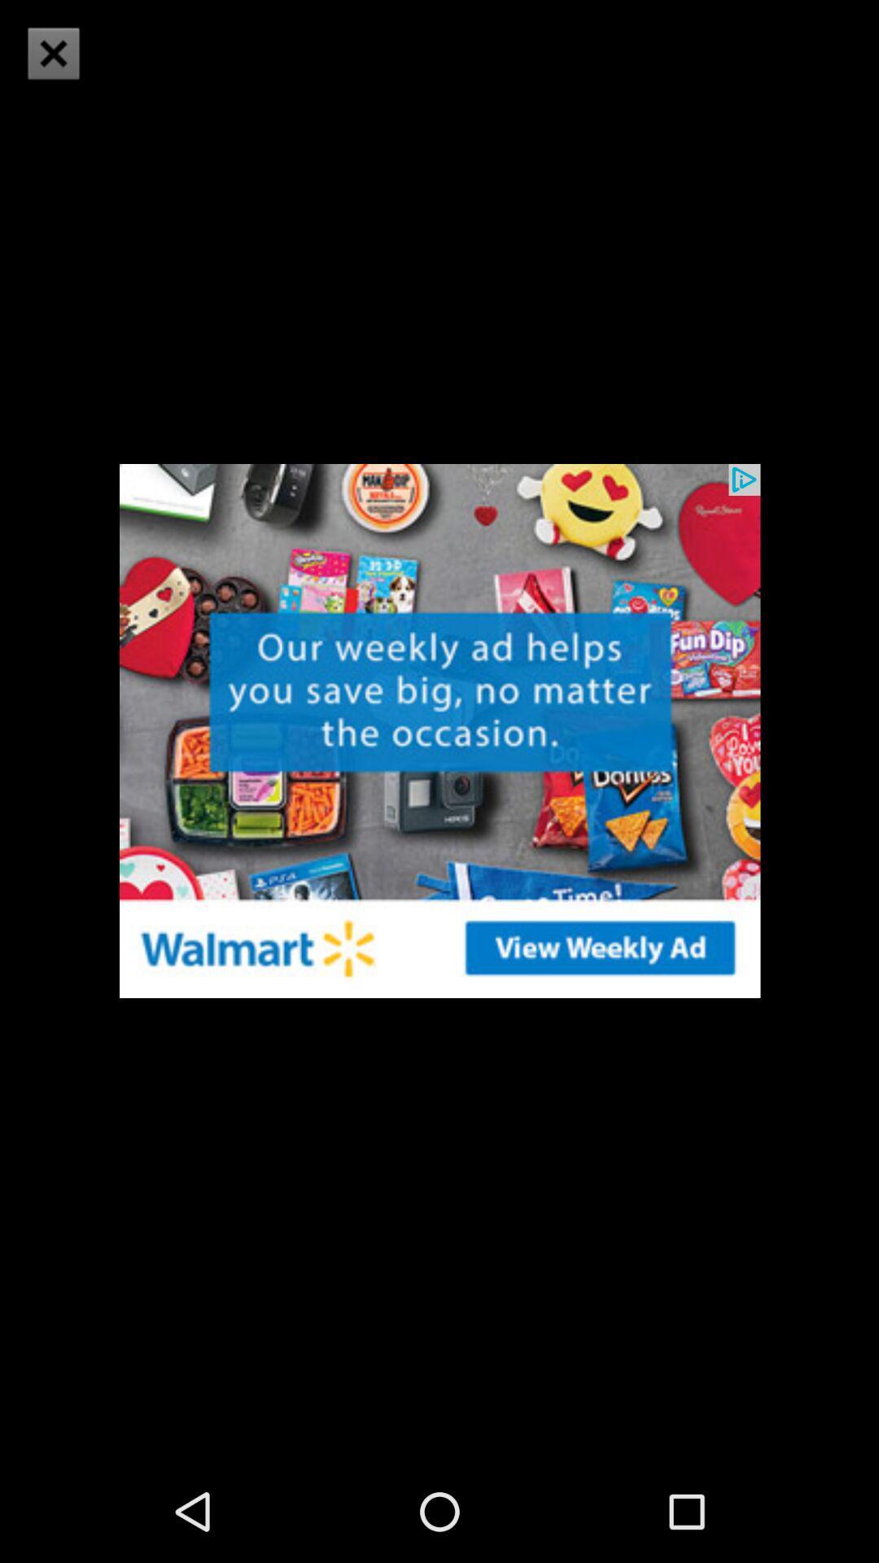 The height and width of the screenshot is (1563, 879). I want to click on the close icon, so click(52, 57).